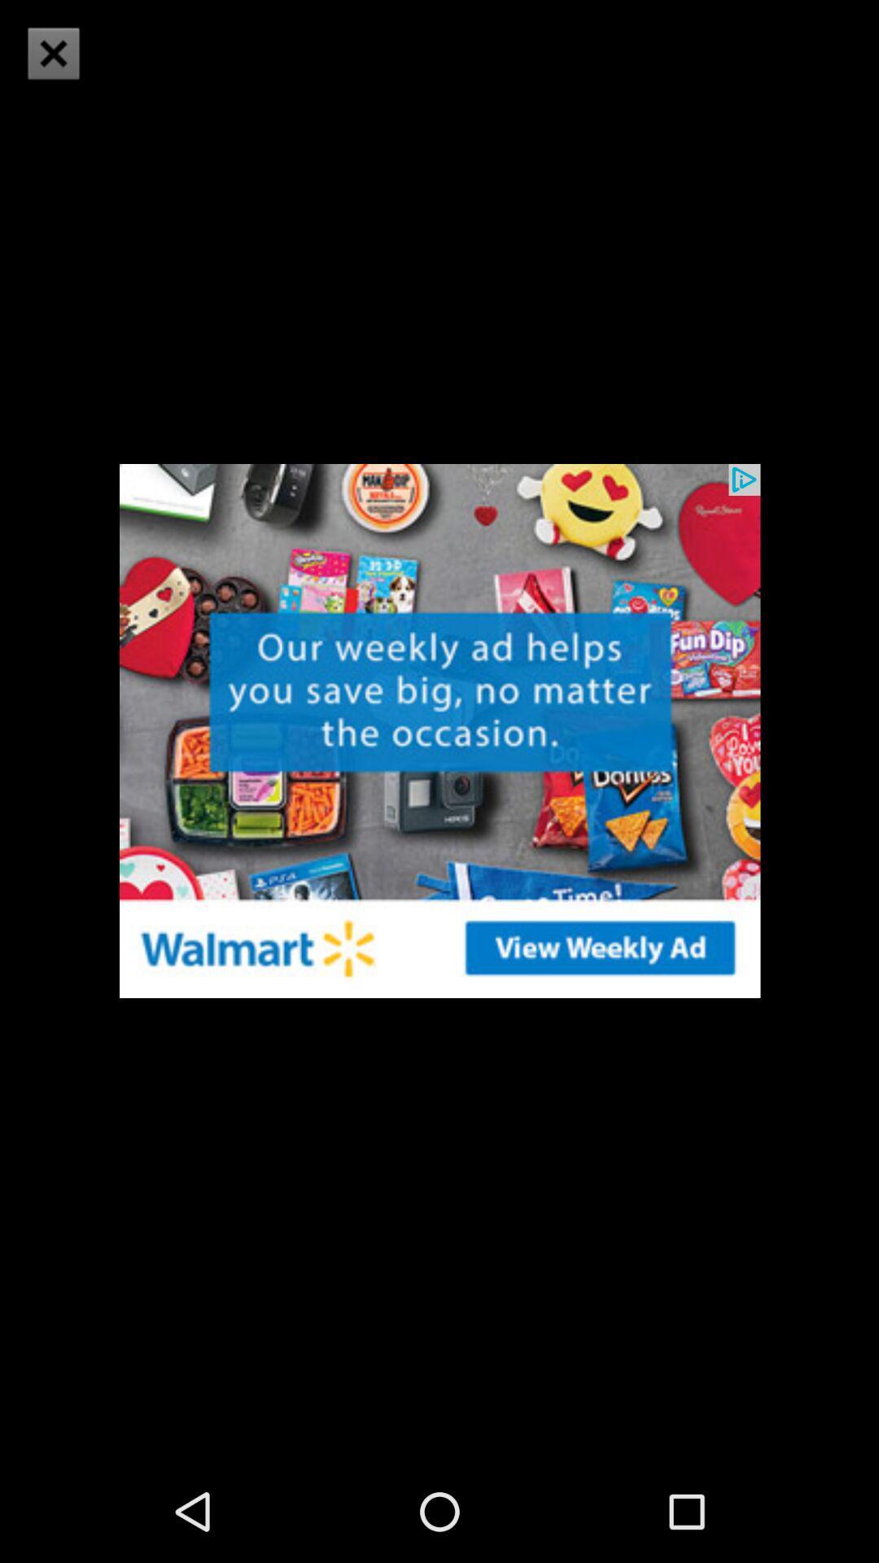 The height and width of the screenshot is (1563, 879). I want to click on the close icon, so click(52, 57).